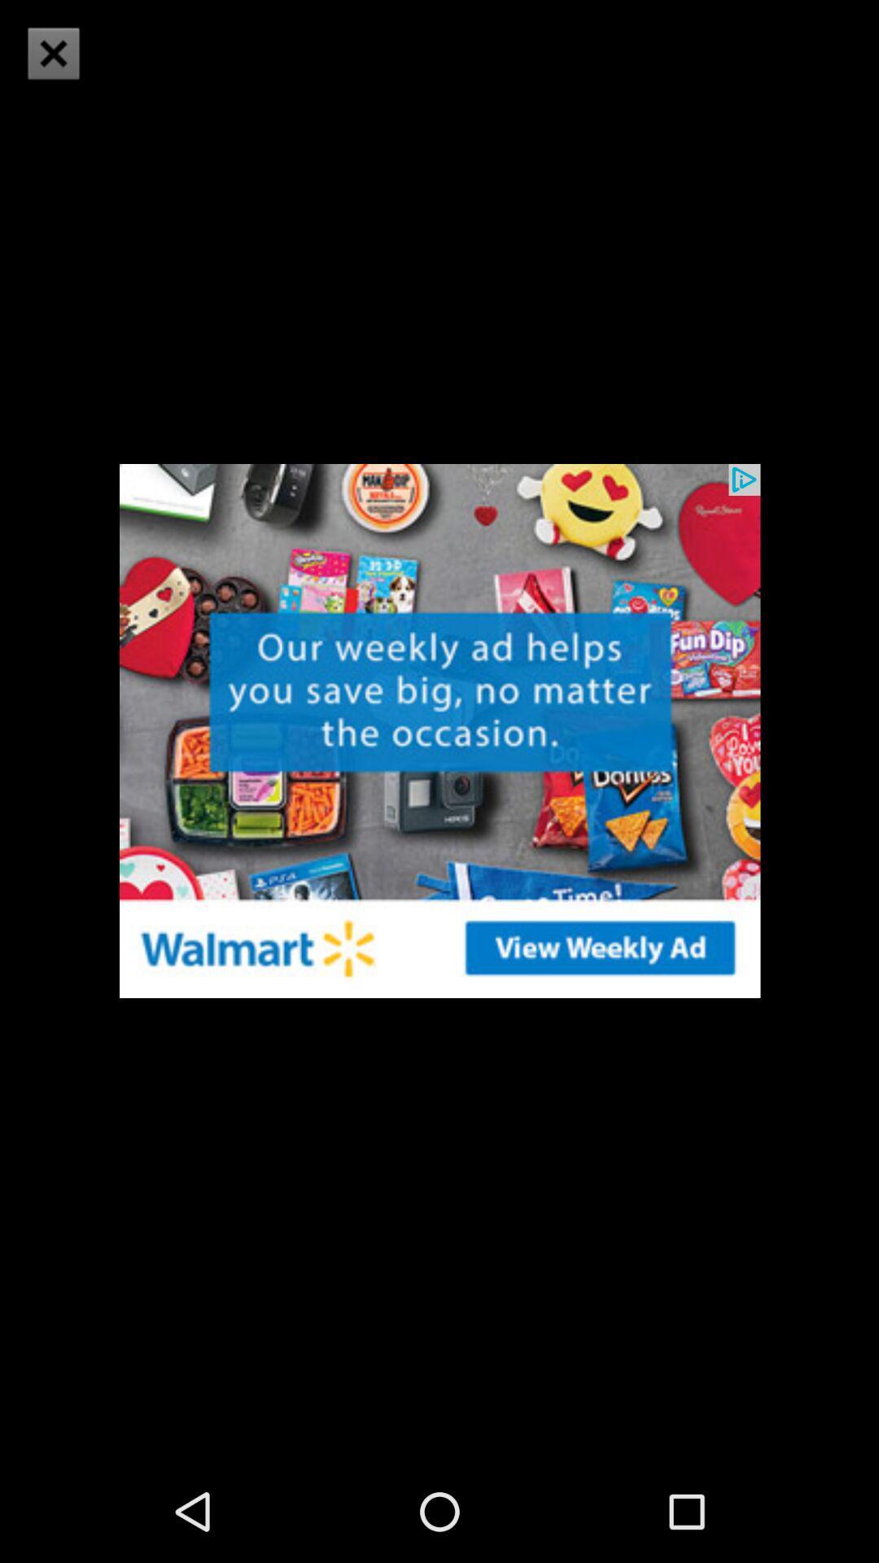 The height and width of the screenshot is (1563, 879). I want to click on the close icon, so click(52, 57).